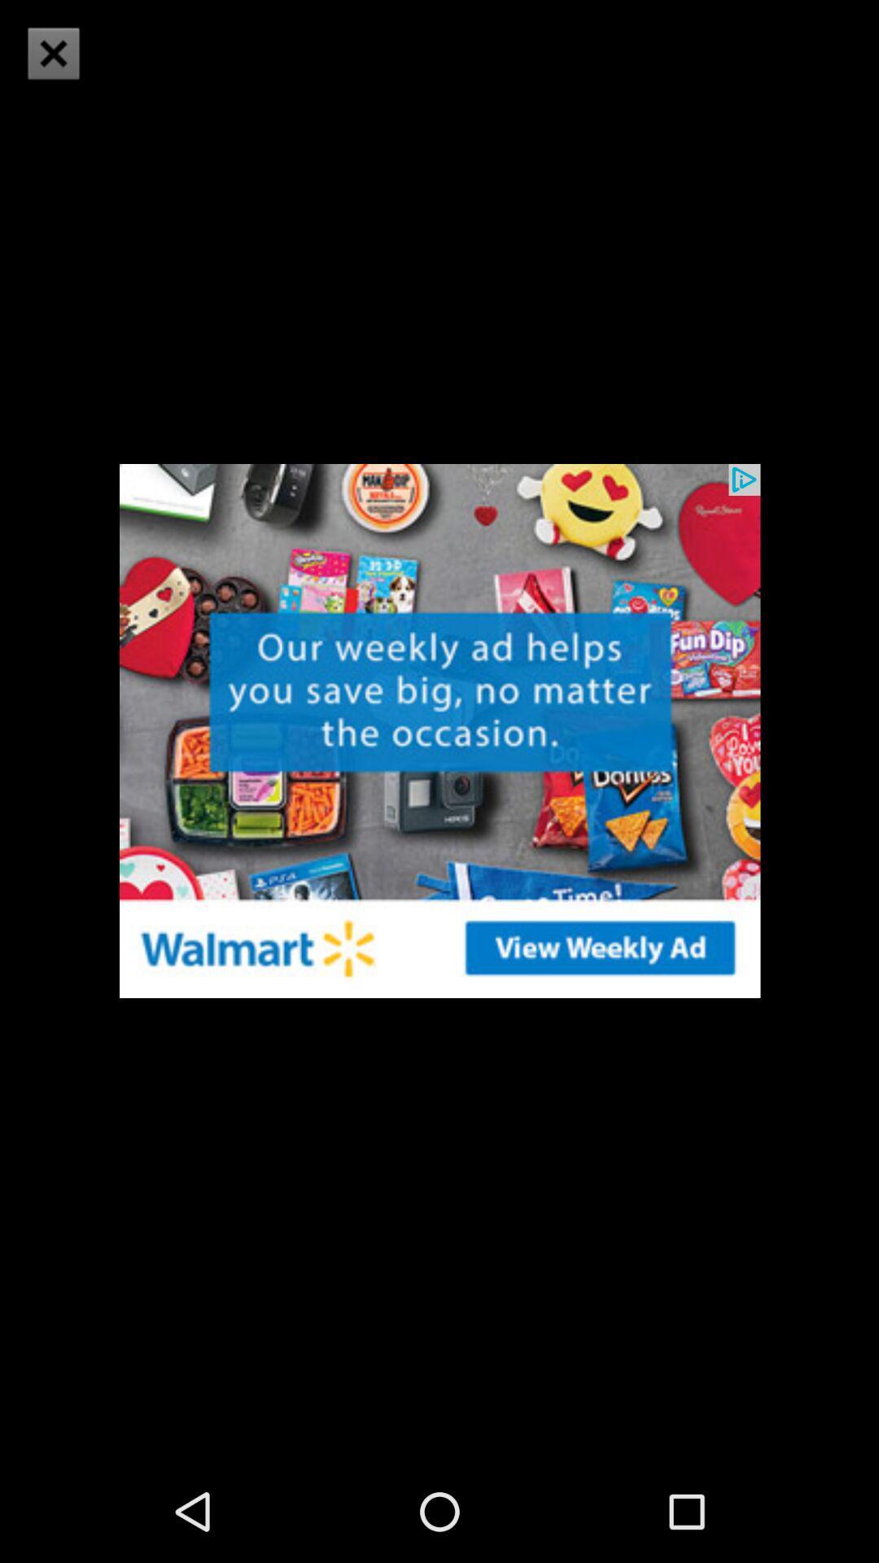 The height and width of the screenshot is (1563, 879). I want to click on the close icon, so click(52, 57).